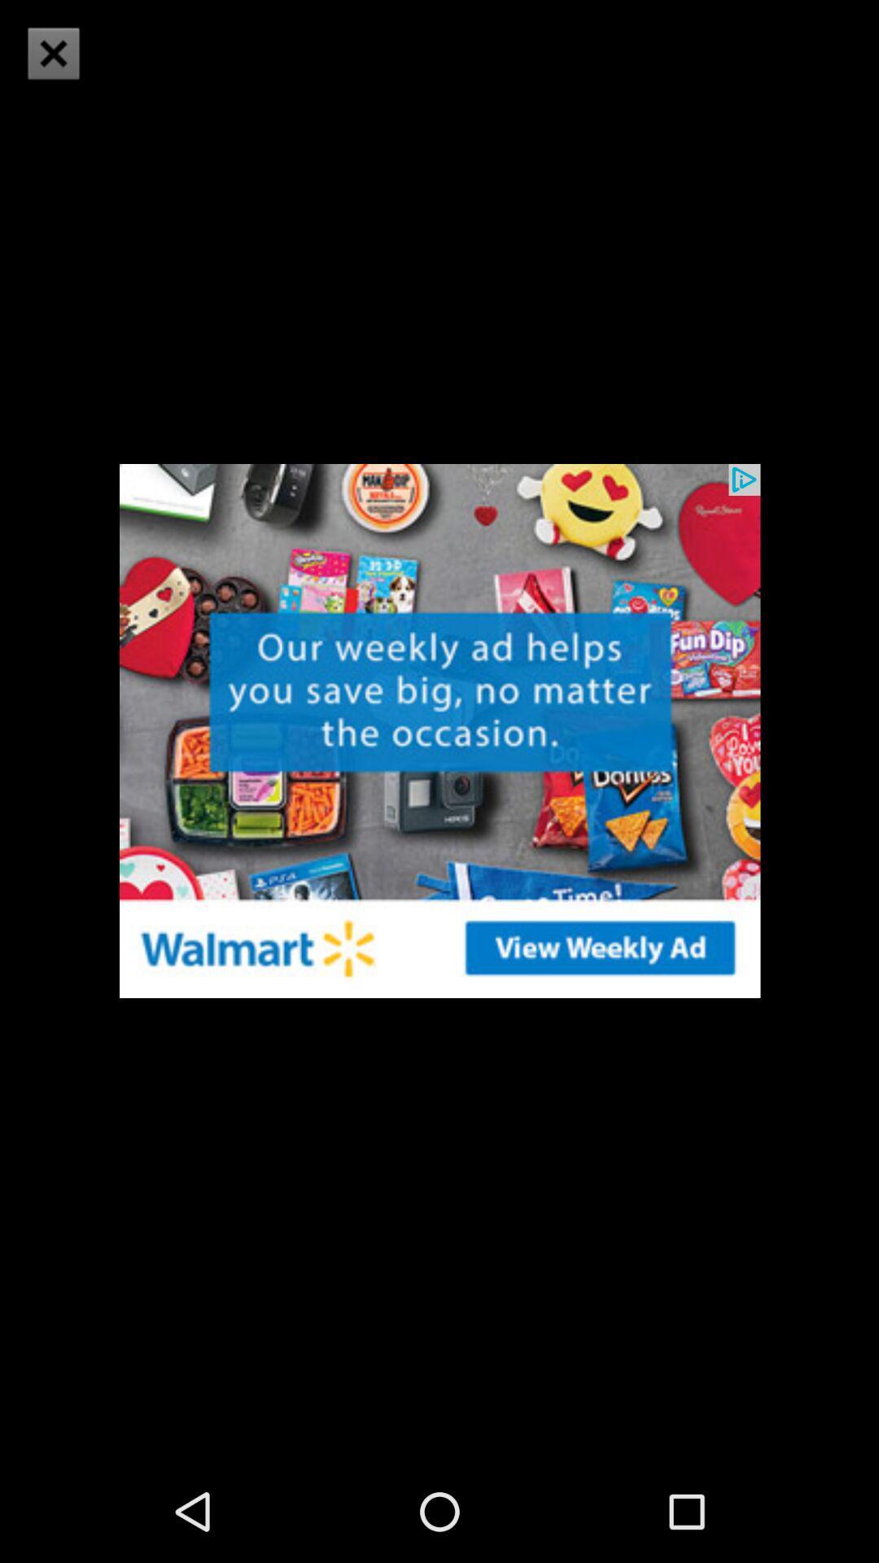 The height and width of the screenshot is (1563, 879). I want to click on the close icon, so click(52, 57).